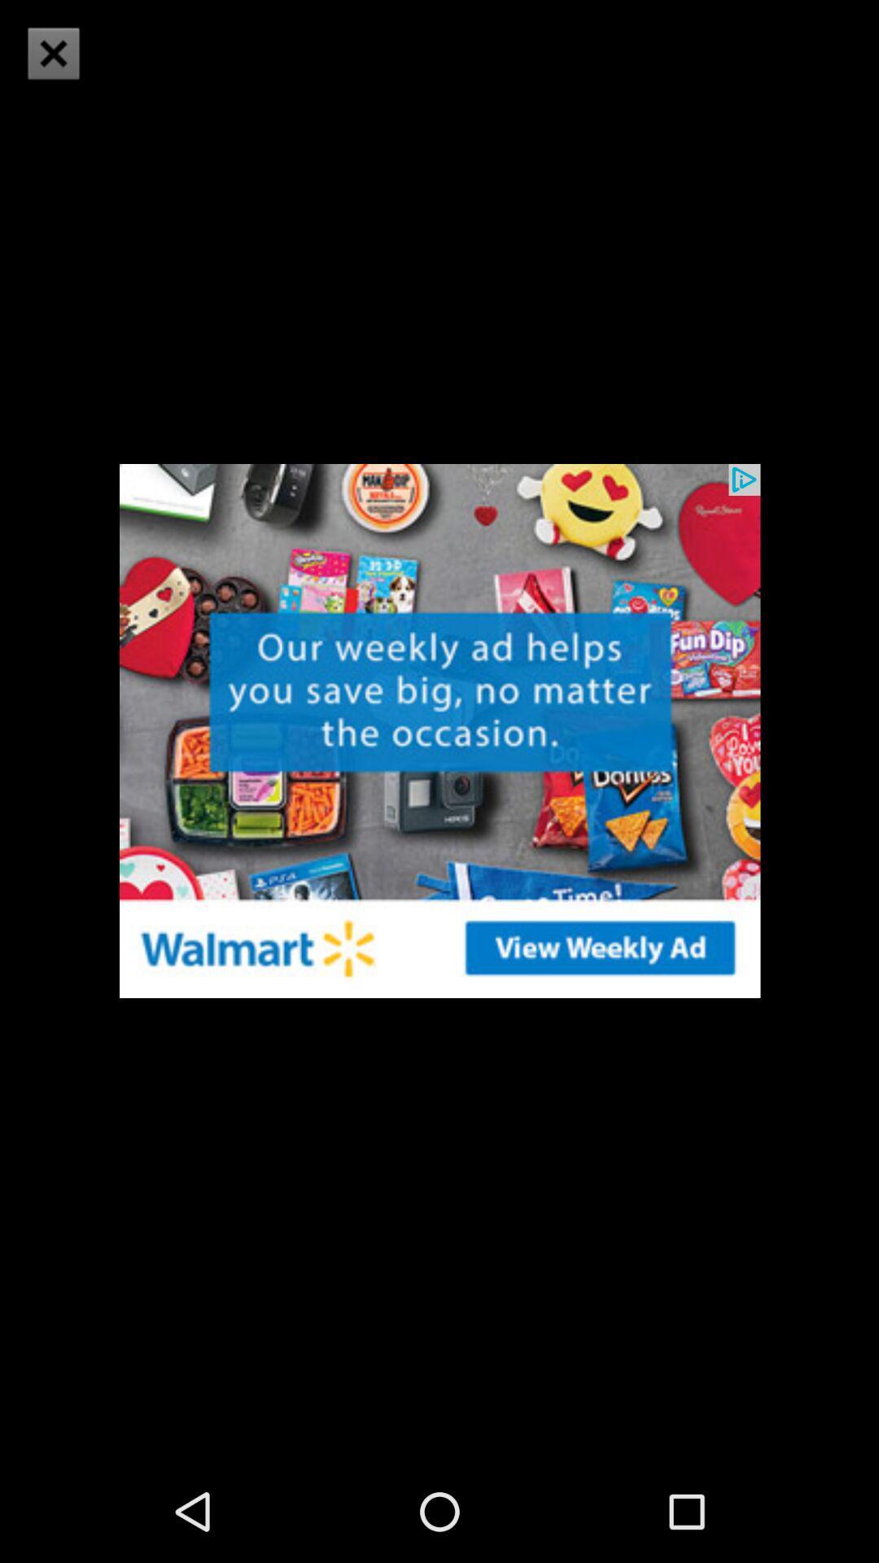 The height and width of the screenshot is (1563, 879). I want to click on the close icon, so click(52, 57).